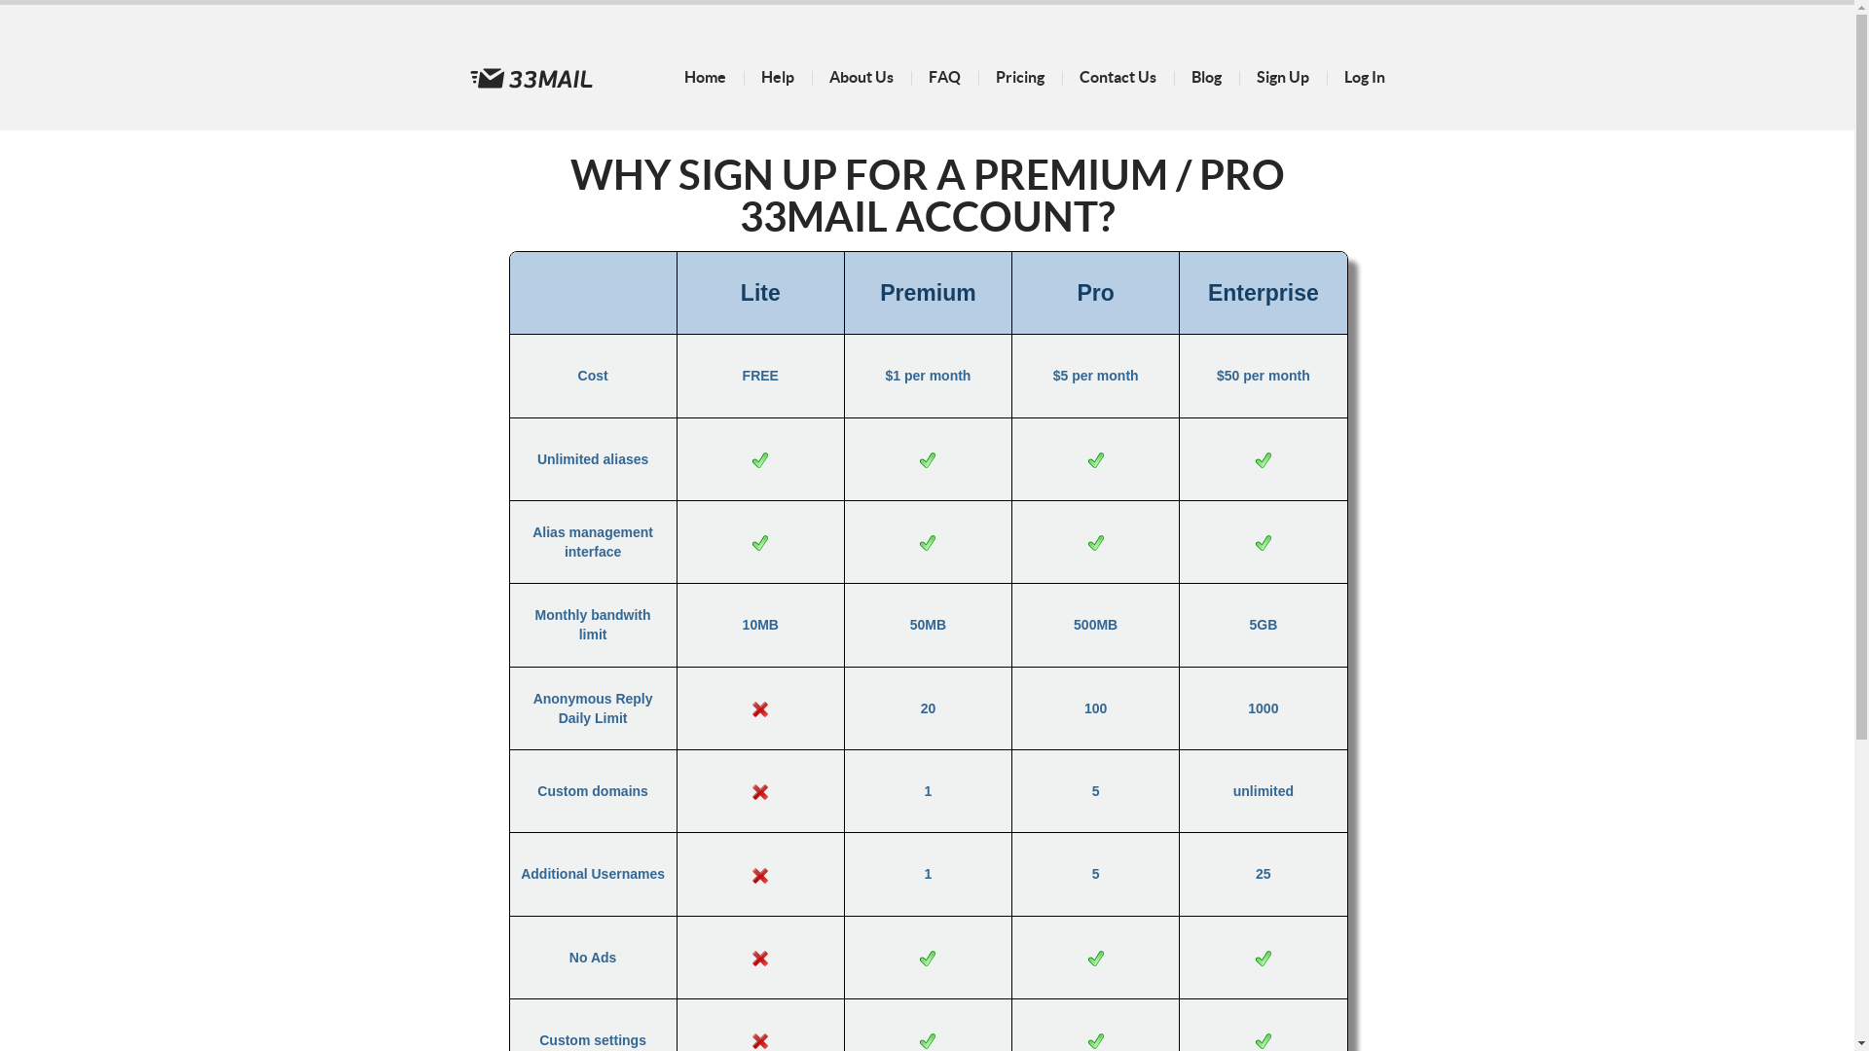 This screenshot has height=1051, width=1869. I want to click on 'FAQ', so click(944, 75).